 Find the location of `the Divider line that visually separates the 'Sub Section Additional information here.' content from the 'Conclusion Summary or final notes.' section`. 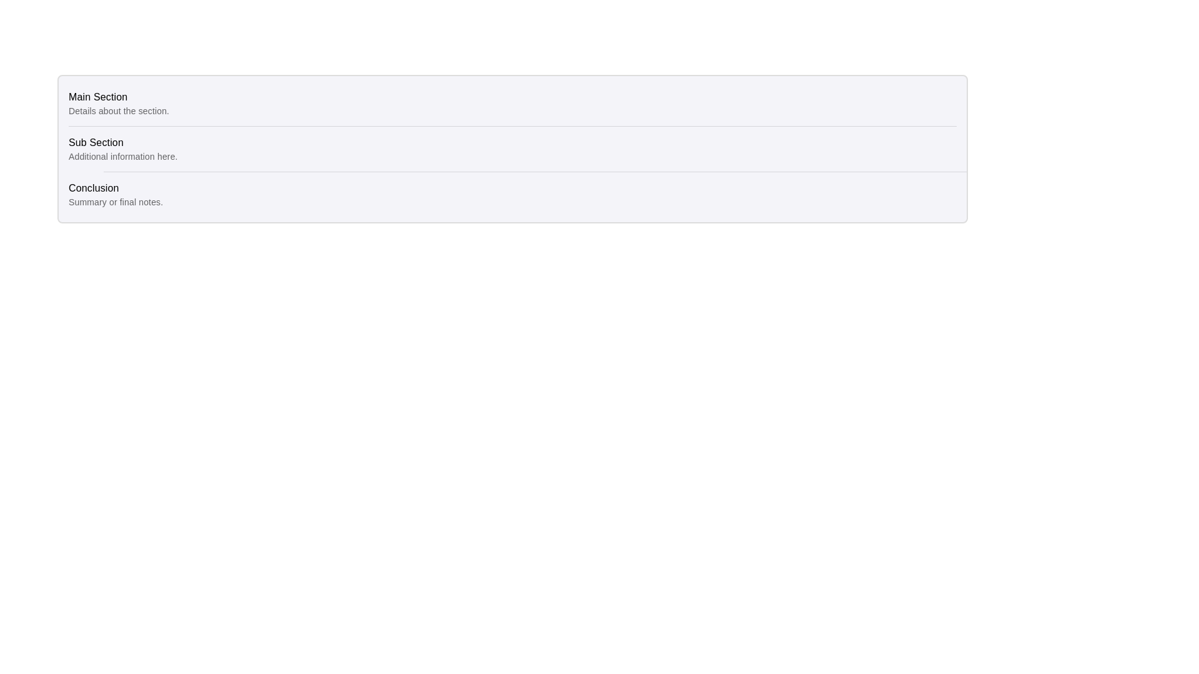

the Divider line that visually separates the 'Sub Section Additional information here.' content from the 'Conclusion Summary or final notes.' section is located at coordinates (535, 171).